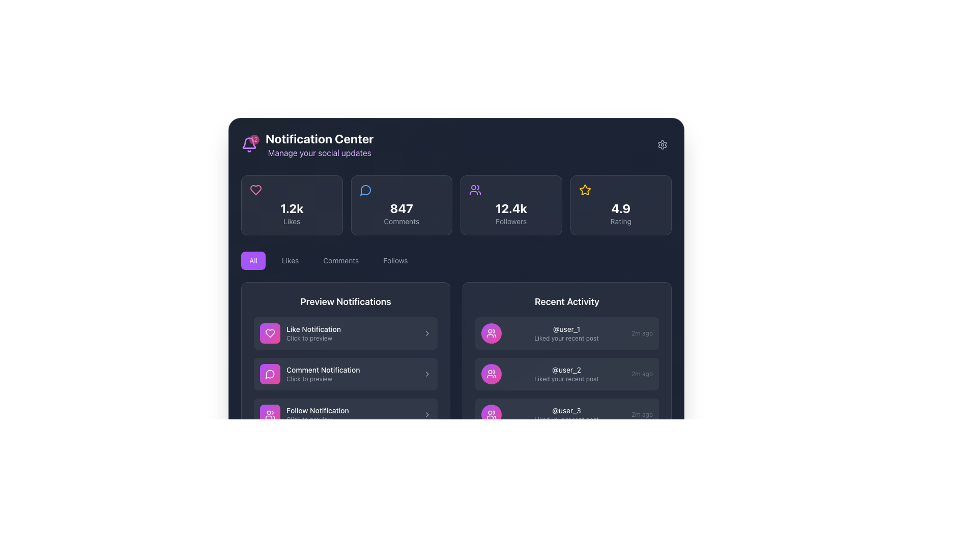 The width and height of the screenshot is (977, 549). What do you see at coordinates (352, 415) in the screenshot?
I see `the Text block within the 'Preview Notifications' list item, which is the third item and provides a notification preview option` at bounding box center [352, 415].